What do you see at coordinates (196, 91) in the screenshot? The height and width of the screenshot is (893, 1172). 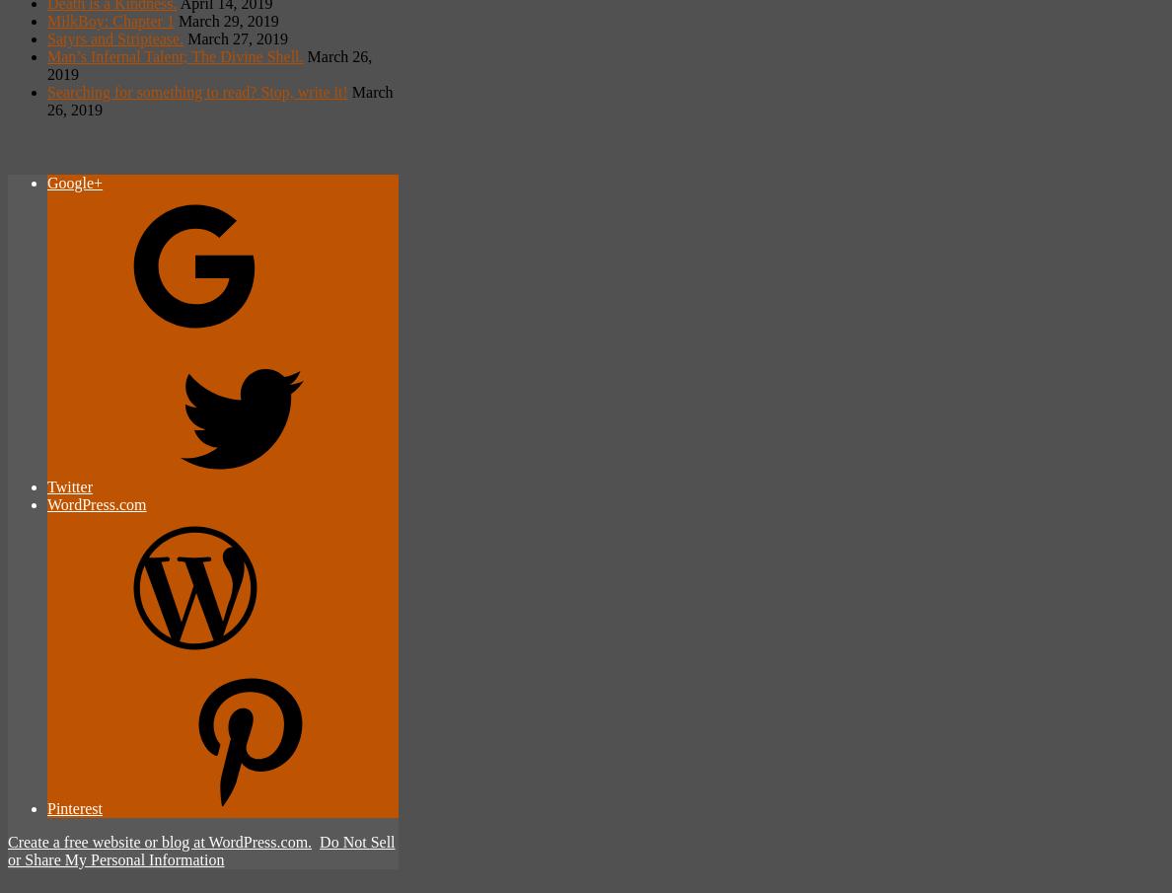 I see `'Searching for something to read? Stop, write it!'` at bounding box center [196, 91].